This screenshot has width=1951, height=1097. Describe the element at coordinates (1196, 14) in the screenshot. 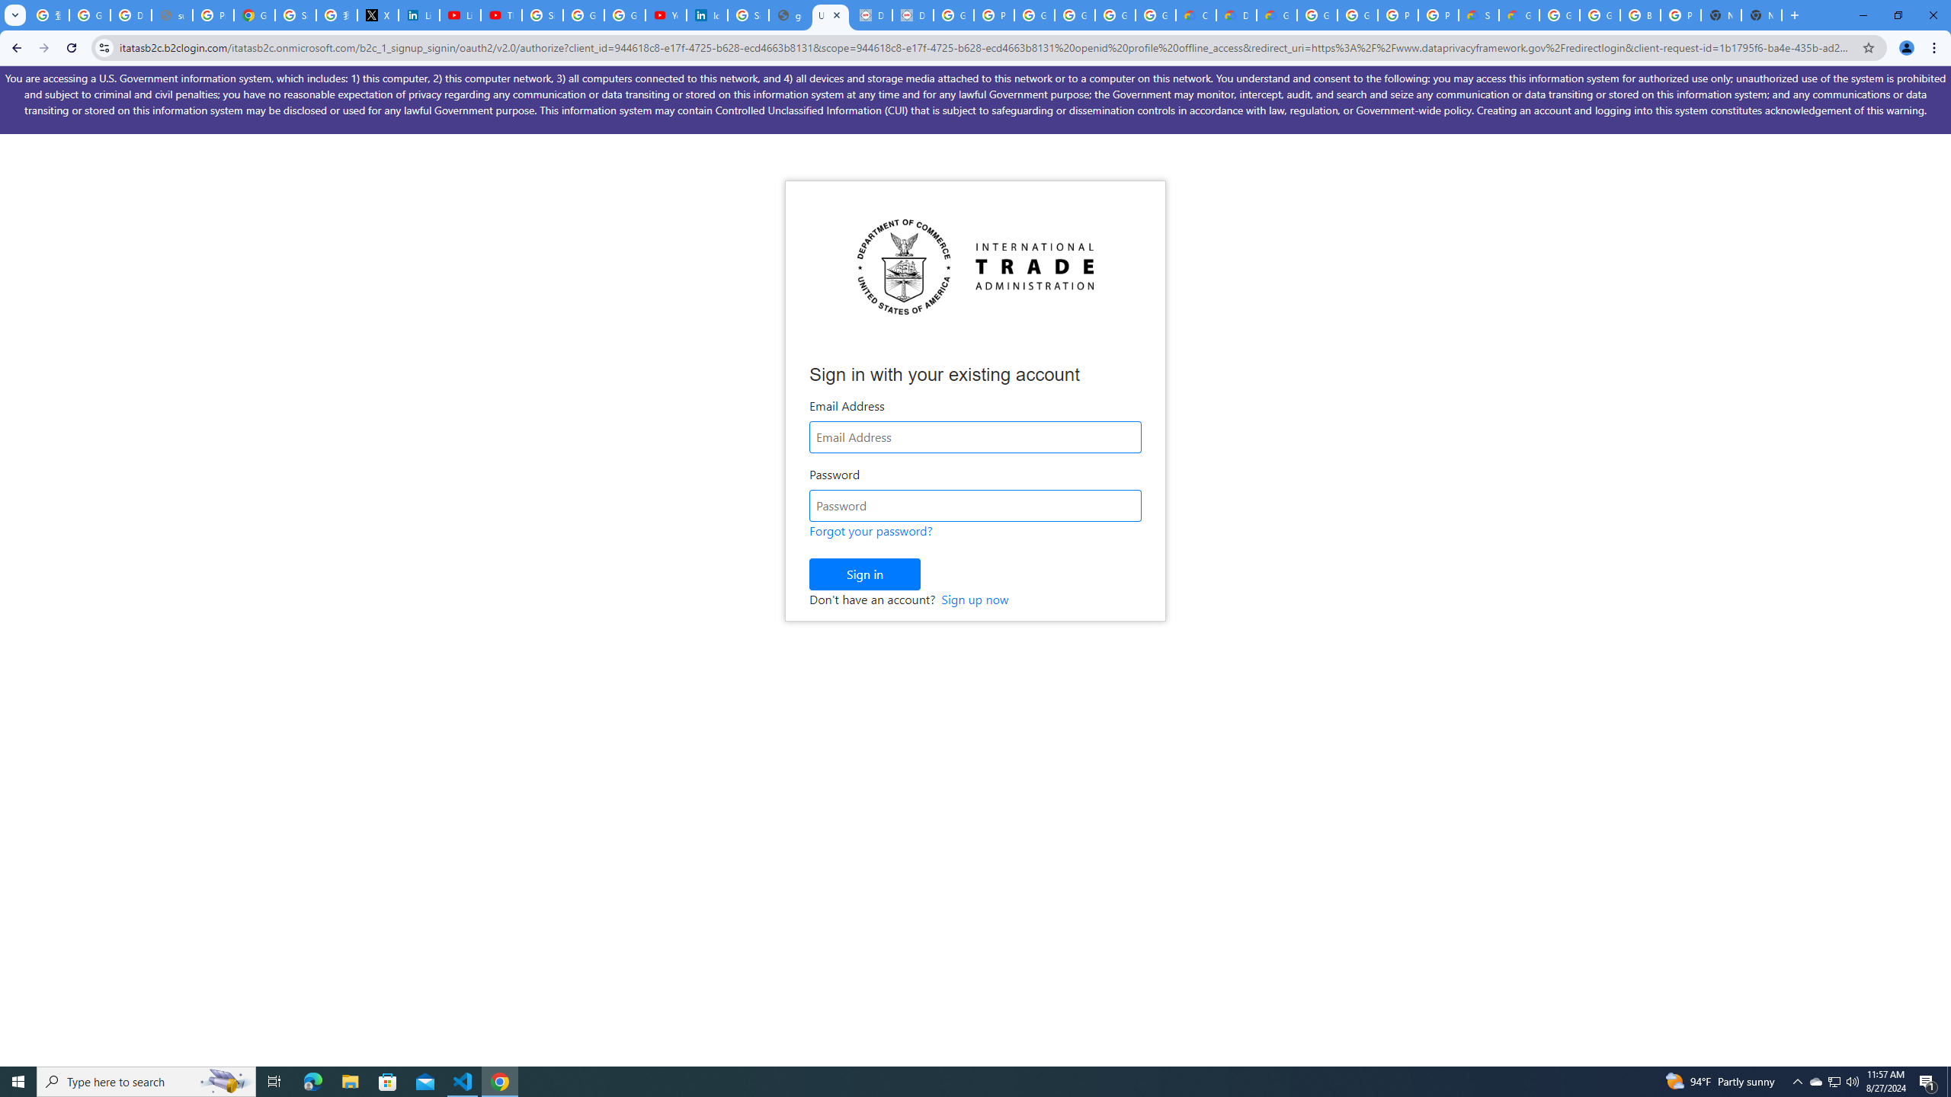

I see `'Customer Care | Google Cloud'` at that location.